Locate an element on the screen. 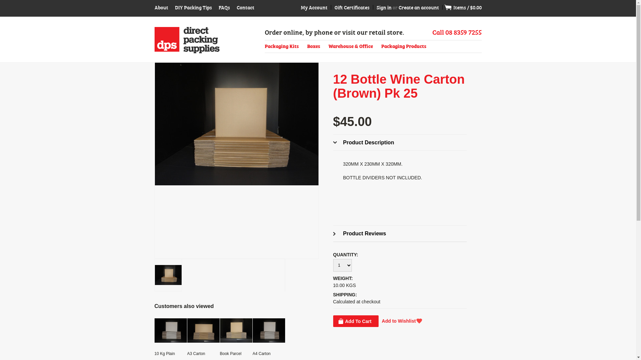 This screenshot has width=641, height=360. 'Boxes' is located at coordinates (307, 45).